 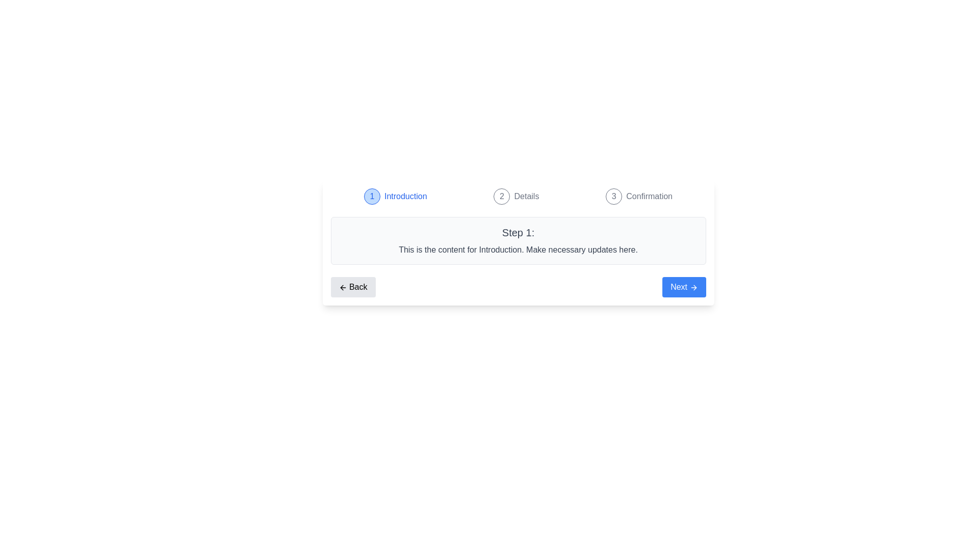 I want to click on the Next button to navigate steps, so click(x=684, y=287).